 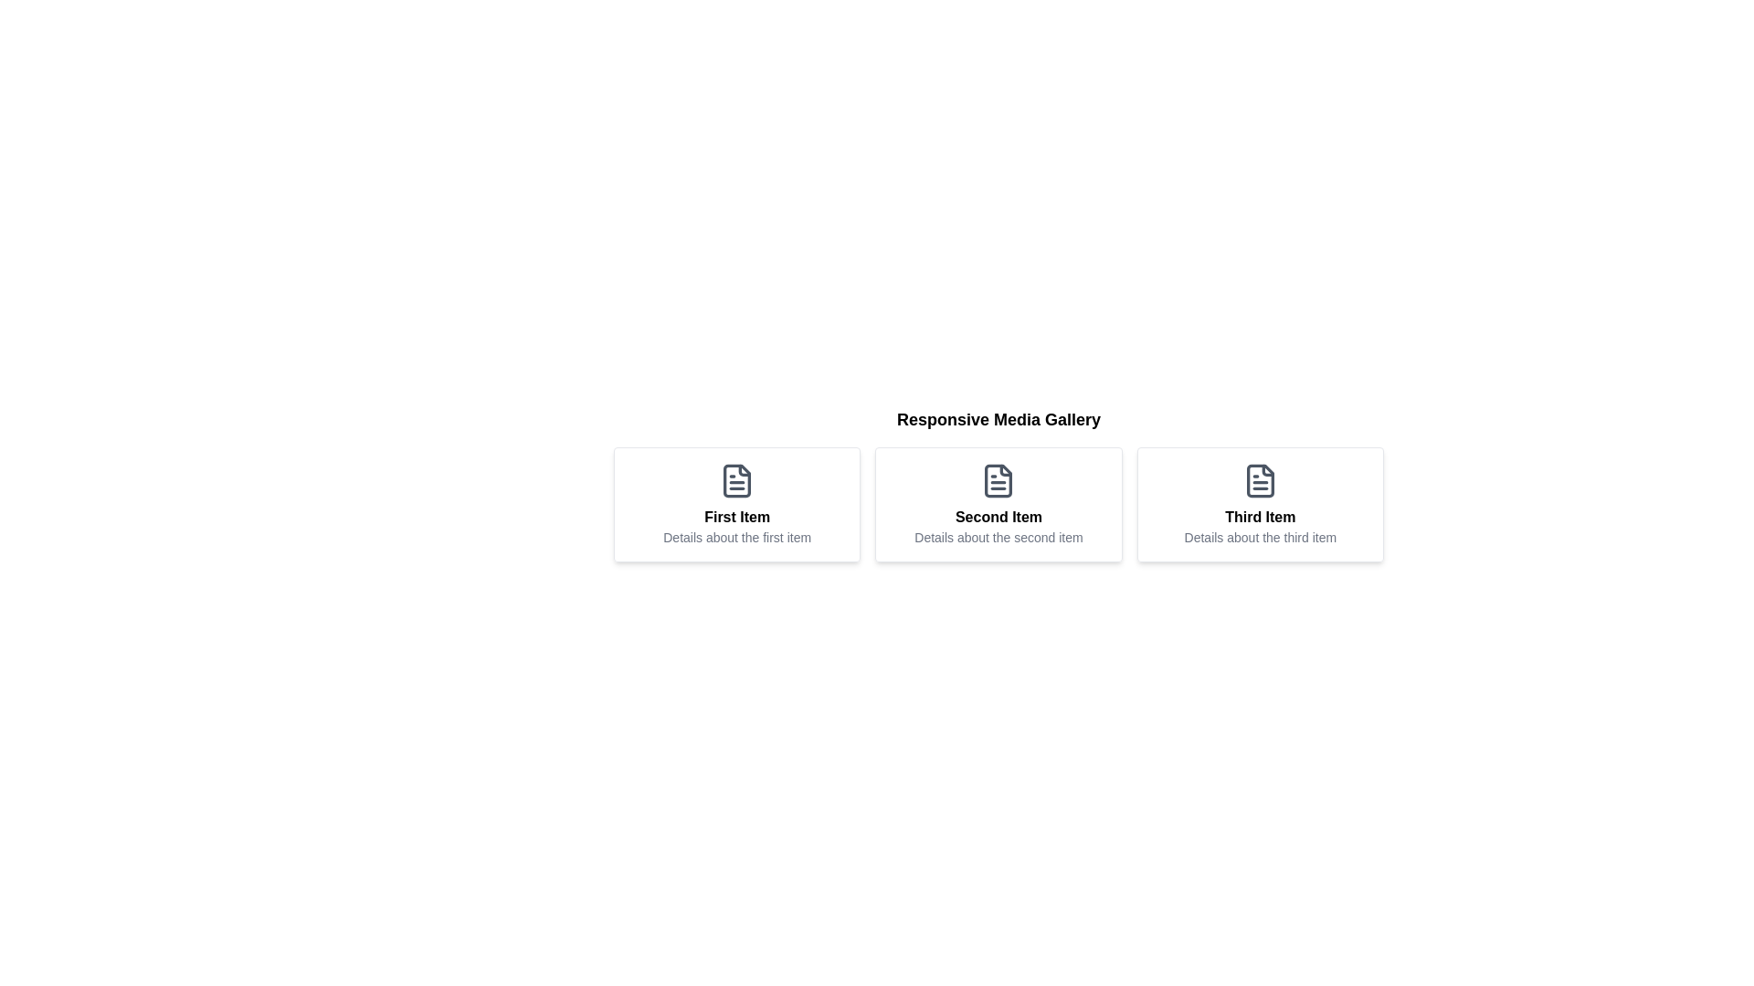 I want to click on the SVG Icon resembling a document with lines inside, located at the top center of the card labeled 'Second Item', so click(x=998, y=480).